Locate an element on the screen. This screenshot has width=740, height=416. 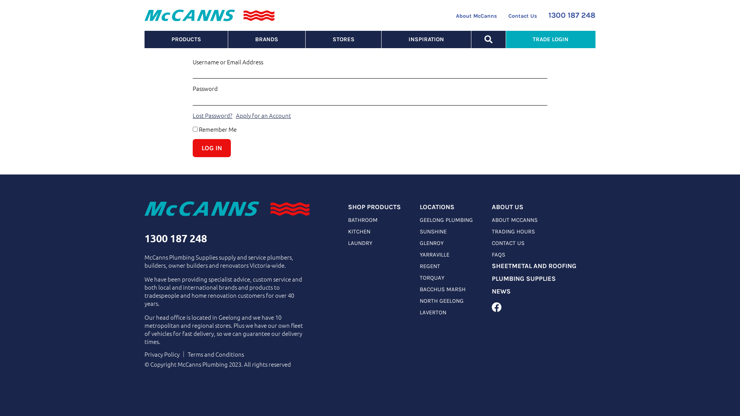
'Log In' is located at coordinates (192, 148).